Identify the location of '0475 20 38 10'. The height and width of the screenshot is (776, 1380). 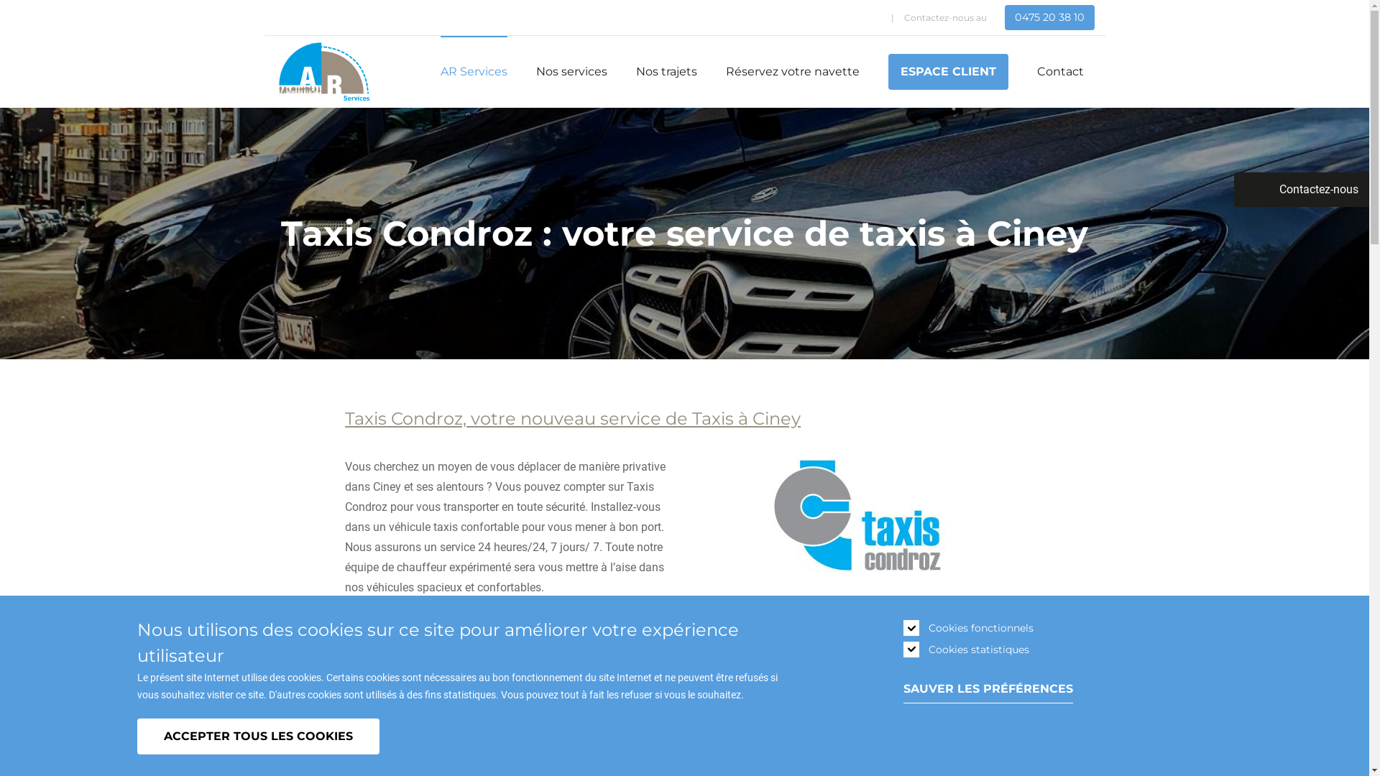
(1049, 17).